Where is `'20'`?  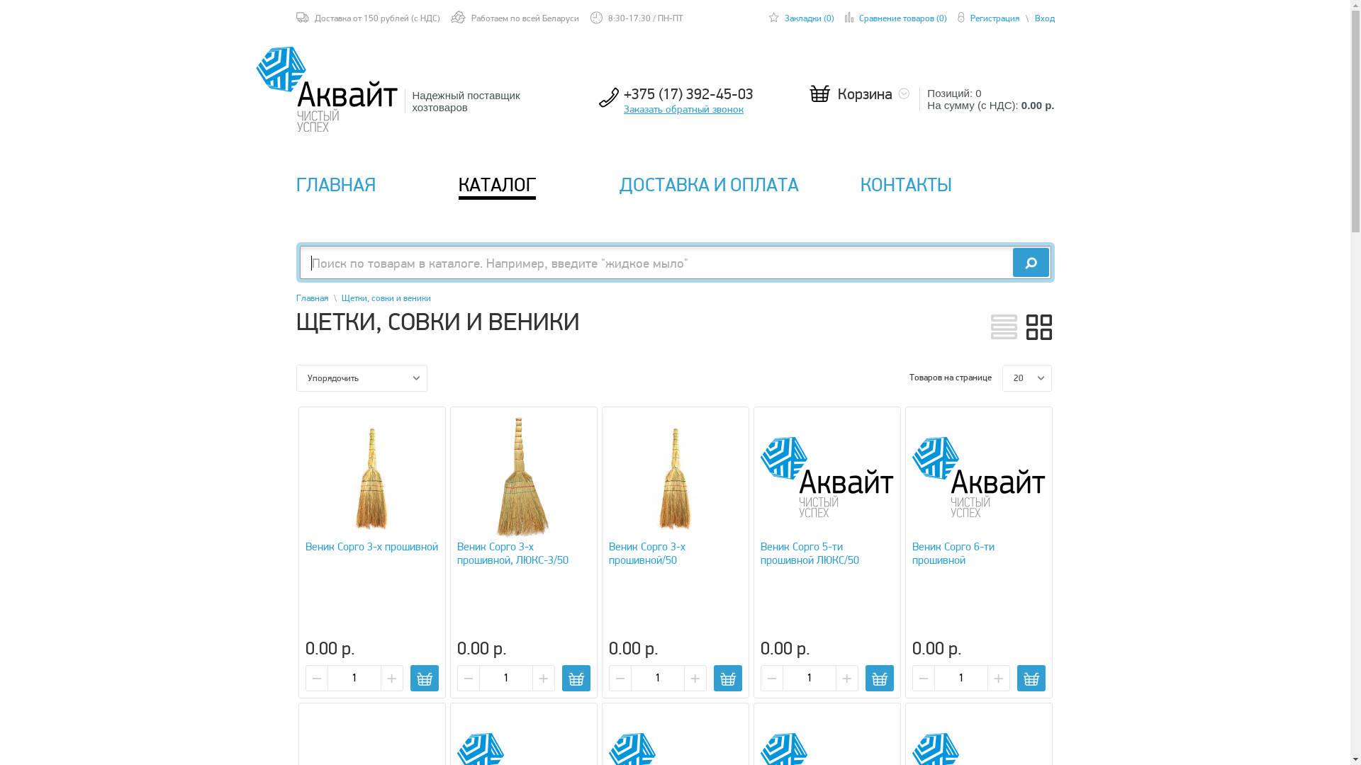 '20' is located at coordinates (1002, 377).